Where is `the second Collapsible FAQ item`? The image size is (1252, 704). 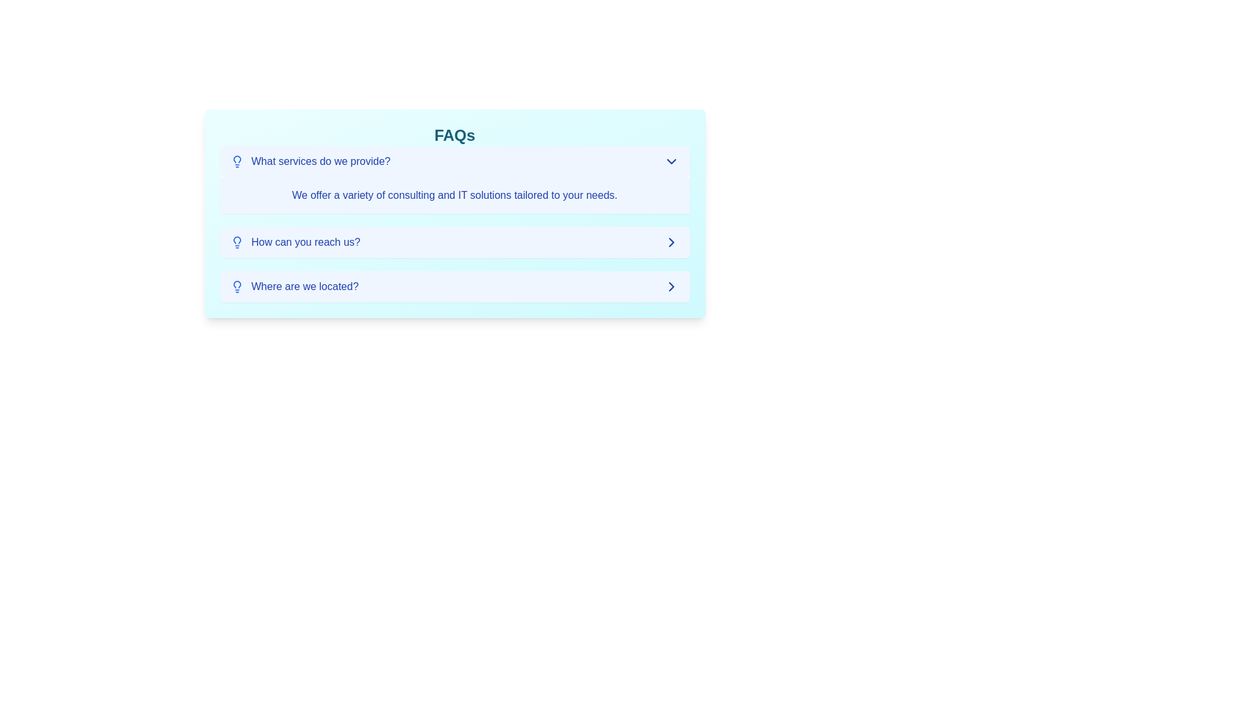
the second Collapsible FAQ item is located at coordinates (455, 223).